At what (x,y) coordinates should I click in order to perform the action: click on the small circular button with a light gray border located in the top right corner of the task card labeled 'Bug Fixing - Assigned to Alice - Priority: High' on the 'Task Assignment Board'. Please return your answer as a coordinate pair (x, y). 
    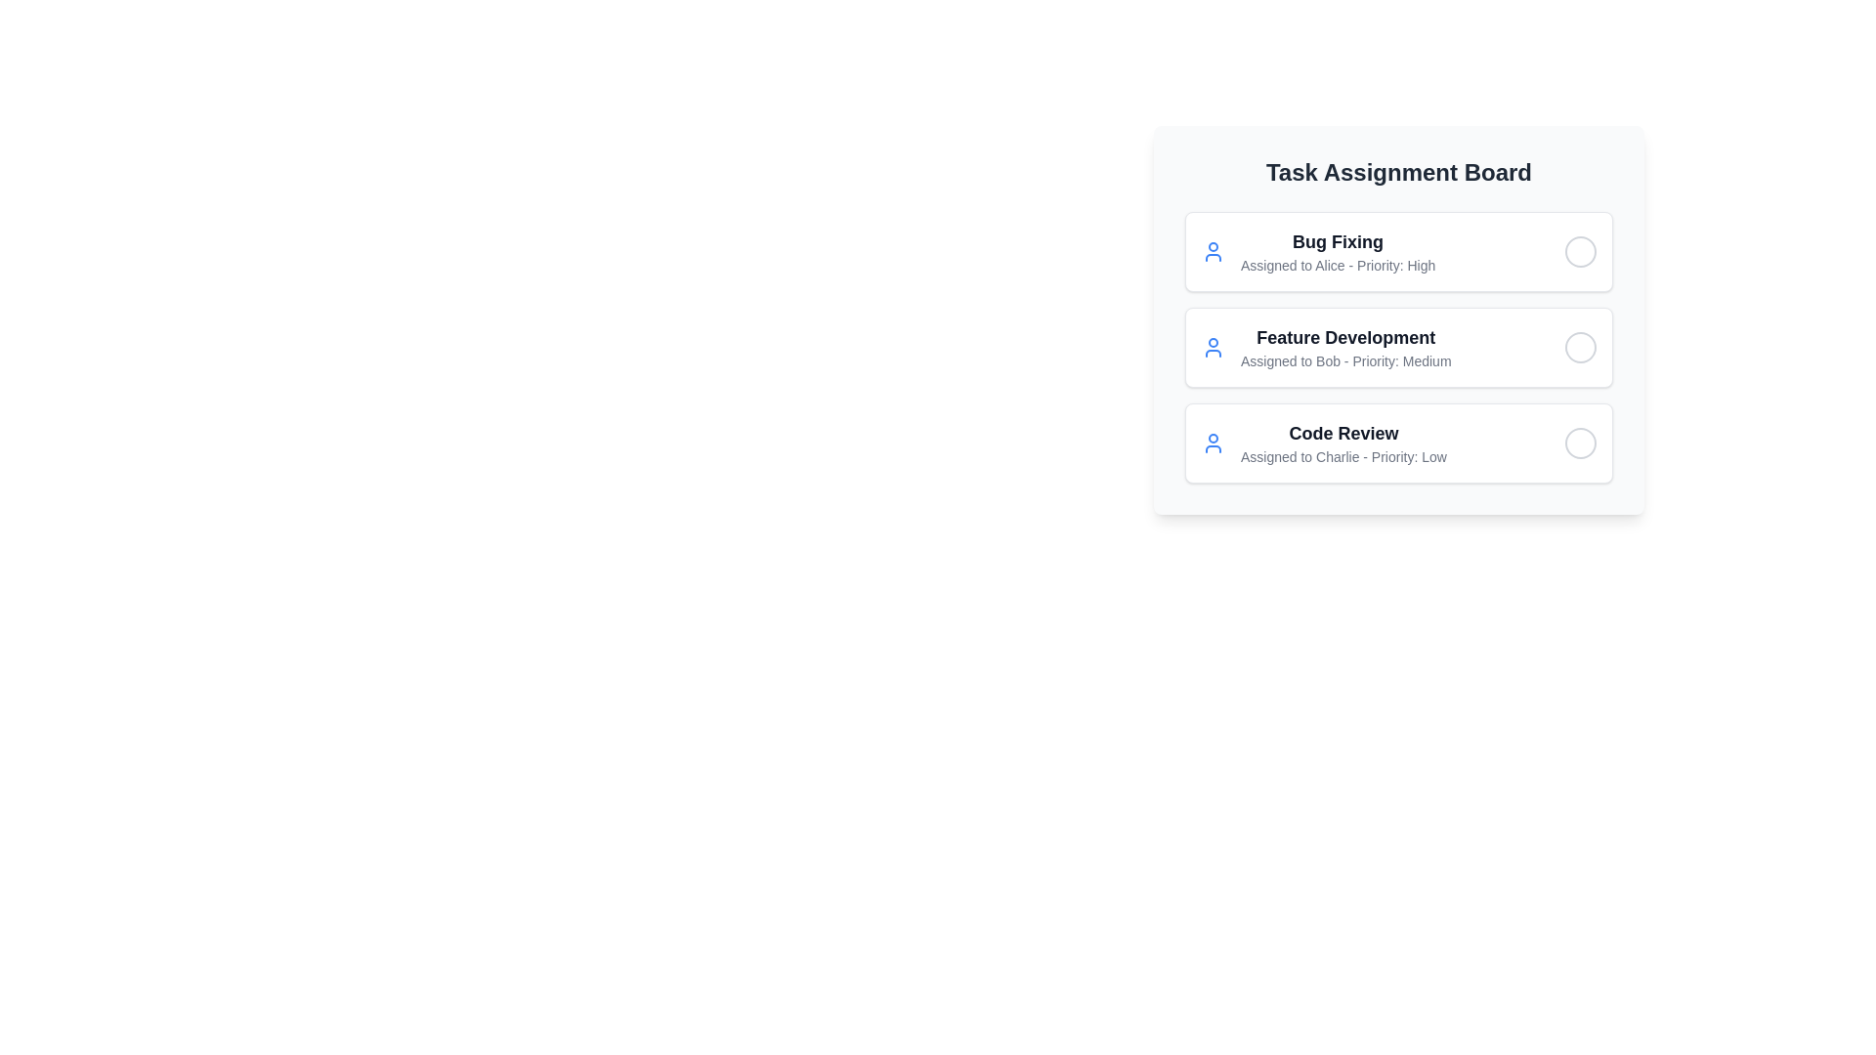
    Looking at the image, I should click on (1580, 251).